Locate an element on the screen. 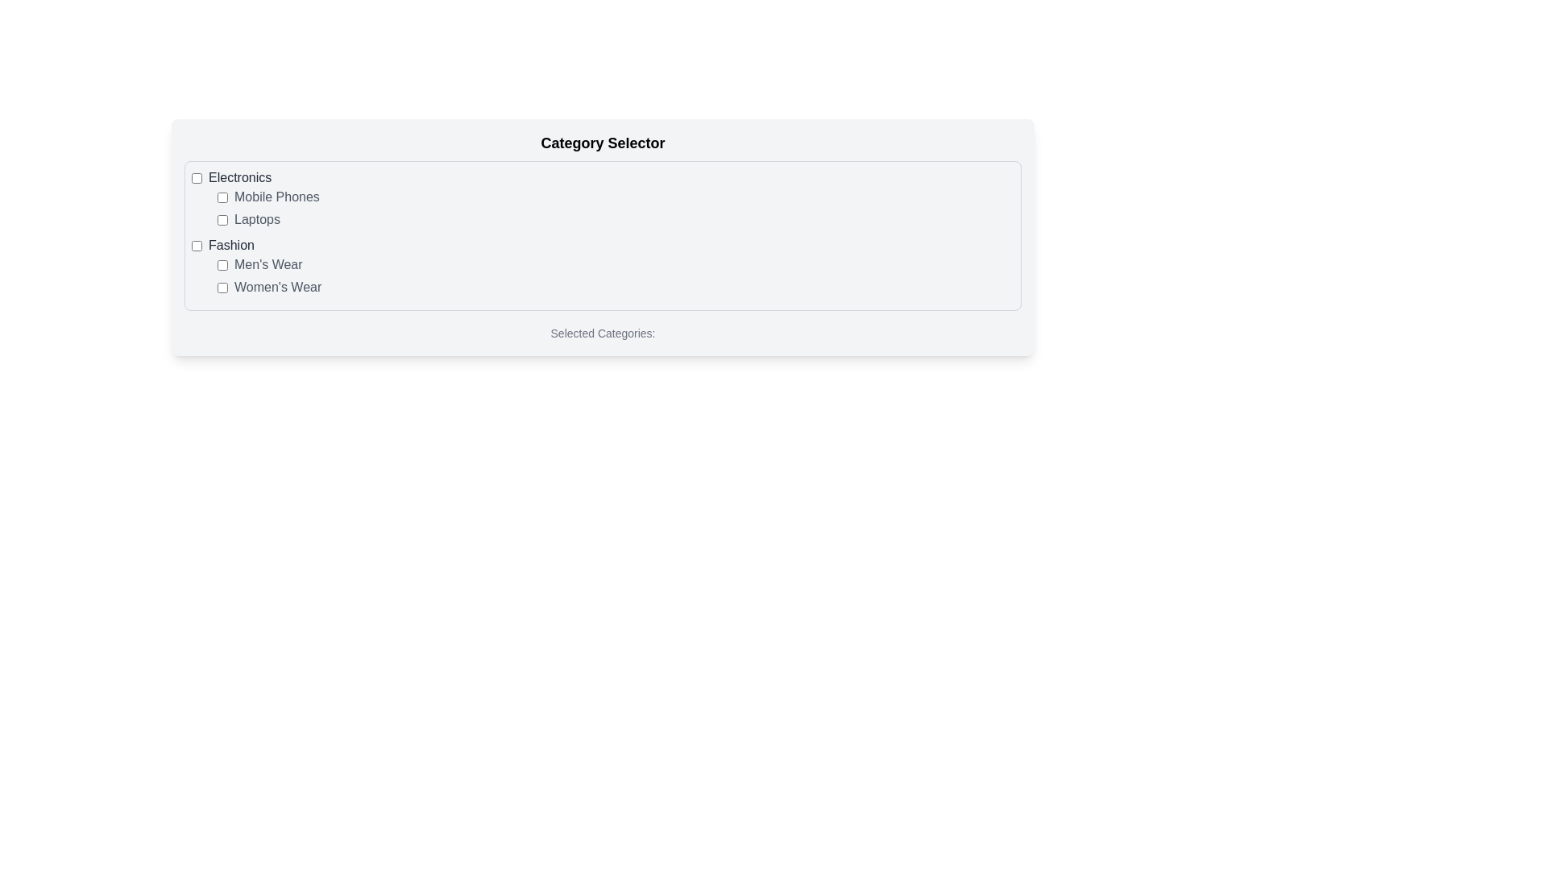 Image resolution: width=1547 pixels, height=870 pixels. the 'Women's Wear' label to associate it with its checkbox in the Fashion category is located at coordinates (278, 287).